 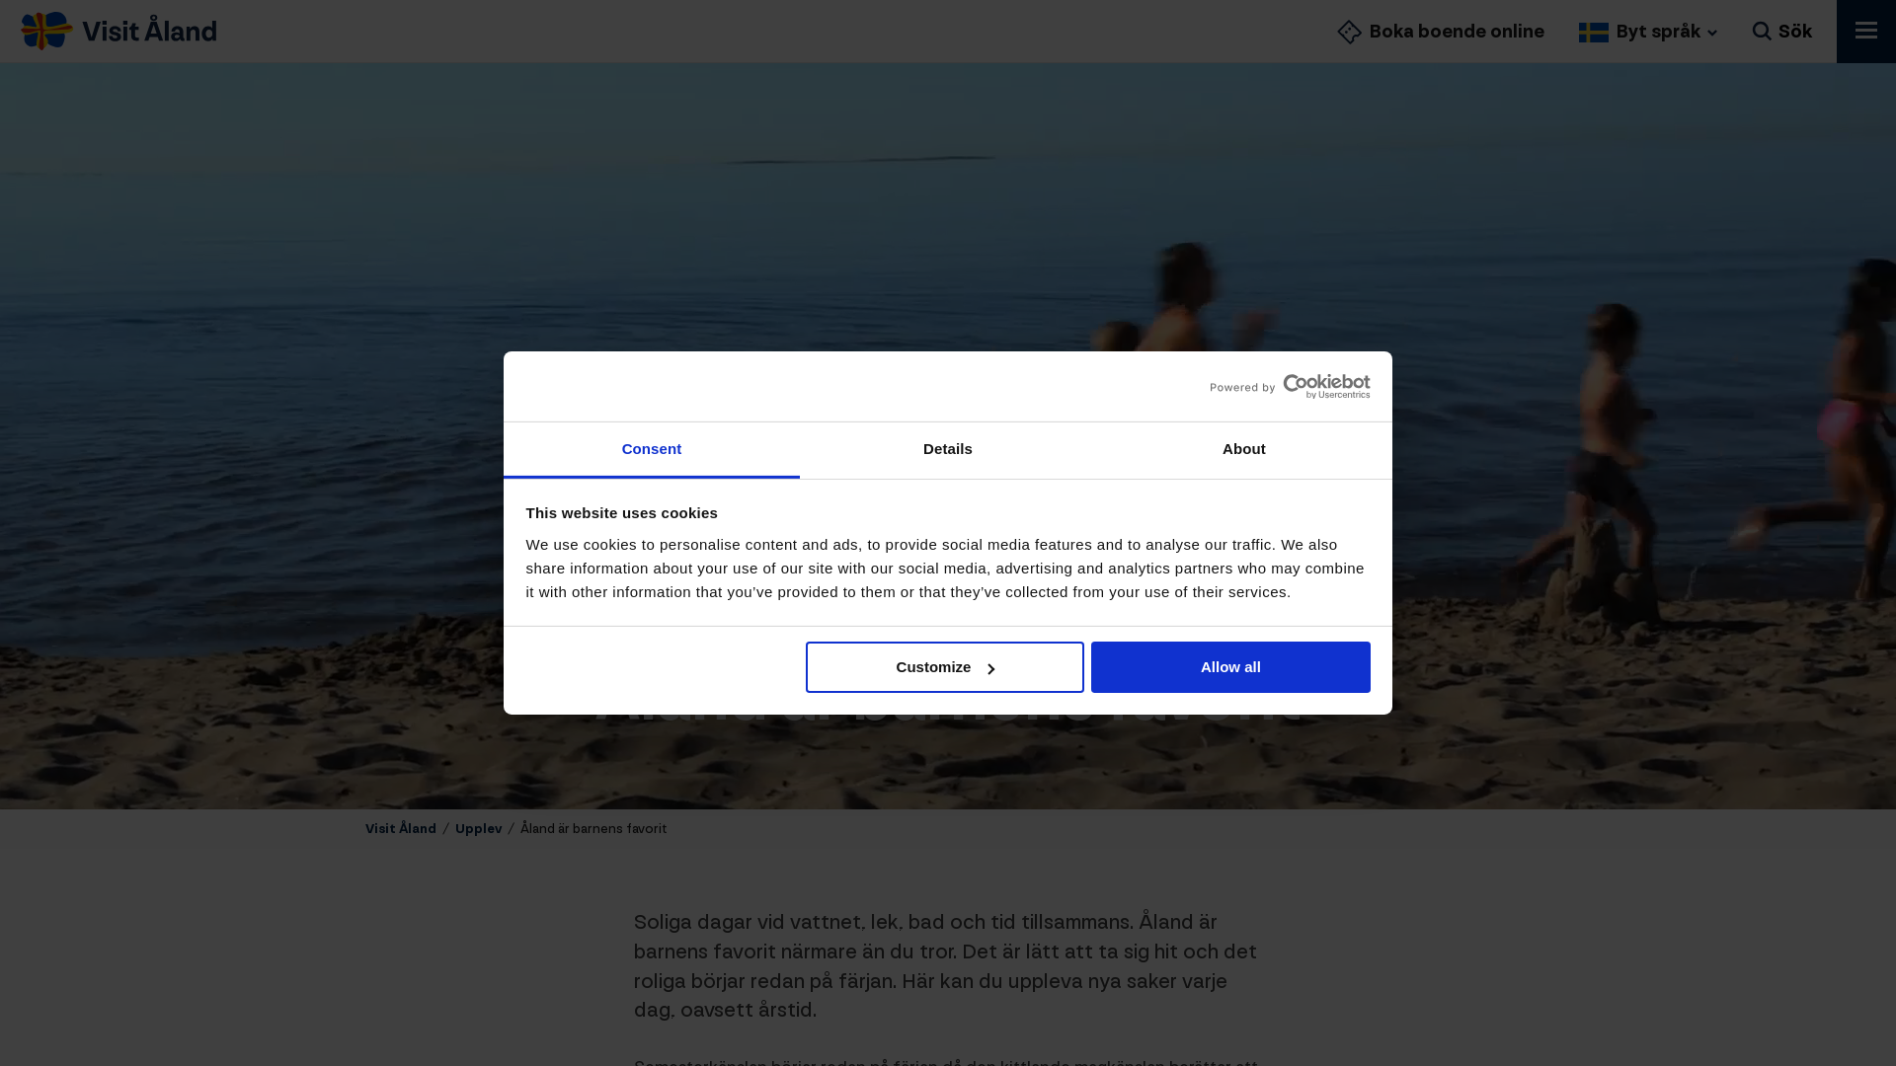 What do you see at coordinates (948, 450) in the screenshot?
I see `'Details'` at bounding box center [948, 450].